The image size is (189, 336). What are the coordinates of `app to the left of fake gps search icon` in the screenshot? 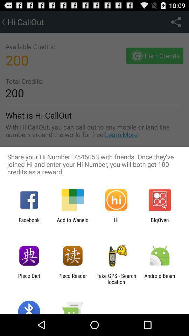 It's located at (72, 279).